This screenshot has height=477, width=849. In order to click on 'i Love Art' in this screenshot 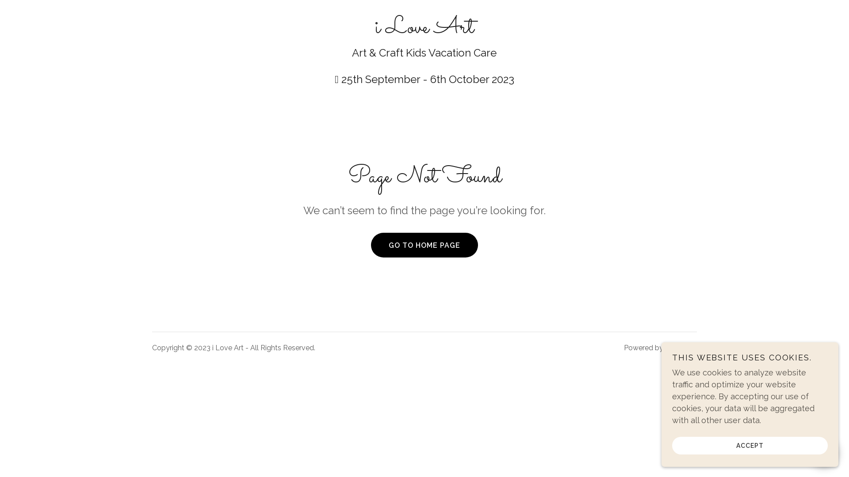, I will do `click(424, 29)`.